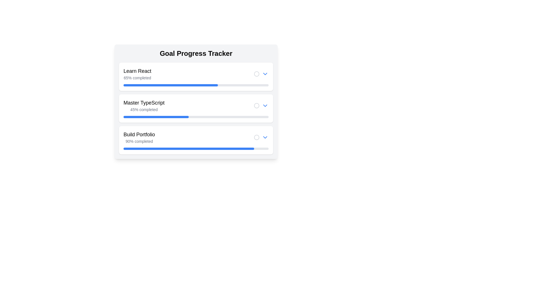 The height and width of the screenshot is (306, 544). I want to click on the Progress bar indicating 90% completion for the 'Build Portfolio' task, located at the bottom of the 'Build Portfolio' section, so click(196, 148).